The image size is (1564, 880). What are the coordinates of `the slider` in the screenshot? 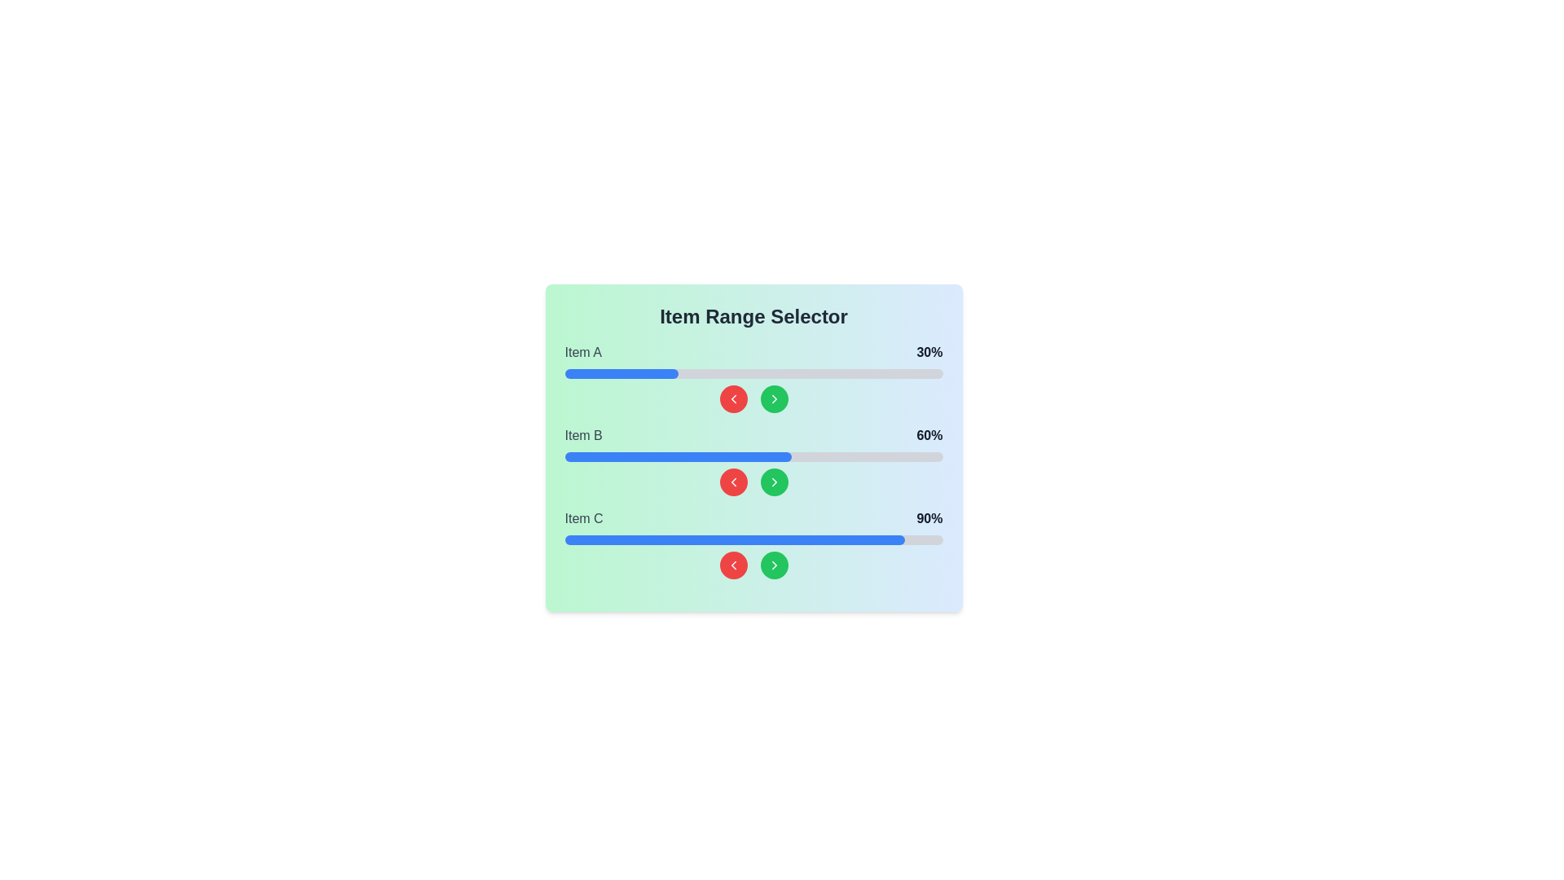 It's located at (632, 456).